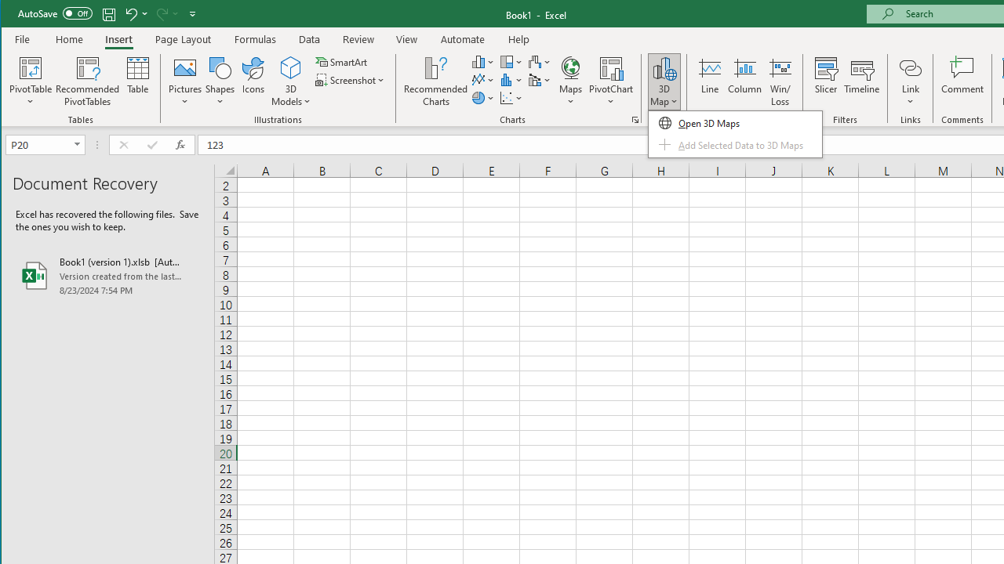  Describe the element at coordinates (31, 81) in the screenshot. I see `'PivotTable'` at that location.